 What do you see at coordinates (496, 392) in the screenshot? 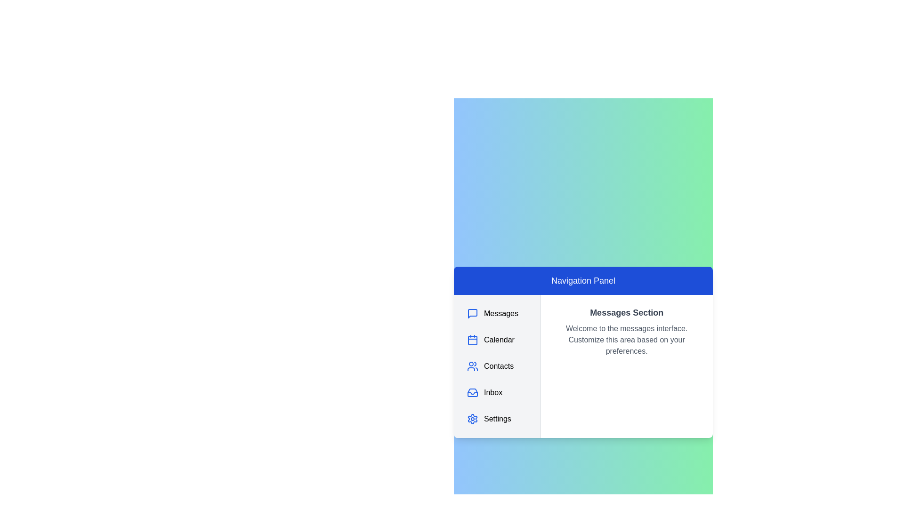
I see `the navigation panel item corresponding to Inbox` at bounding box center [496, 392].